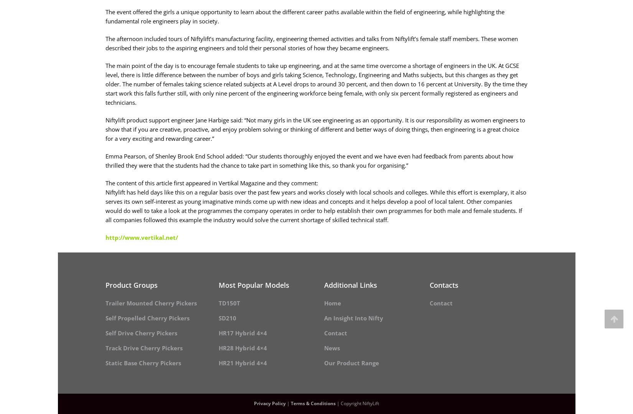  What do you see at coordinates (332, 347) in the screenshot?
I see `'News'` at bounding box center [332, 347].